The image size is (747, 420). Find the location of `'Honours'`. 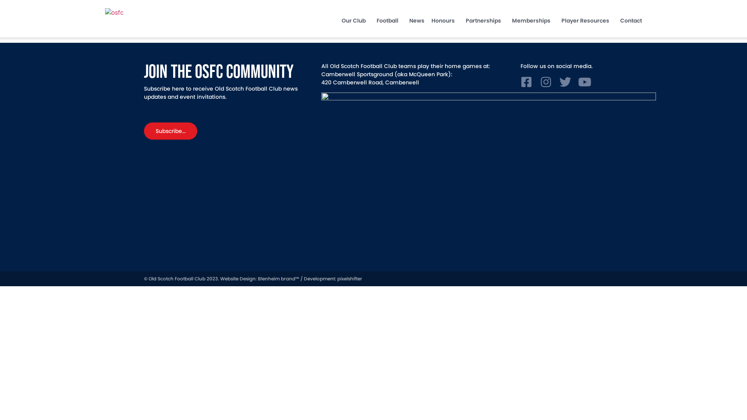

'Honours' is located at coordinates (445, 20).